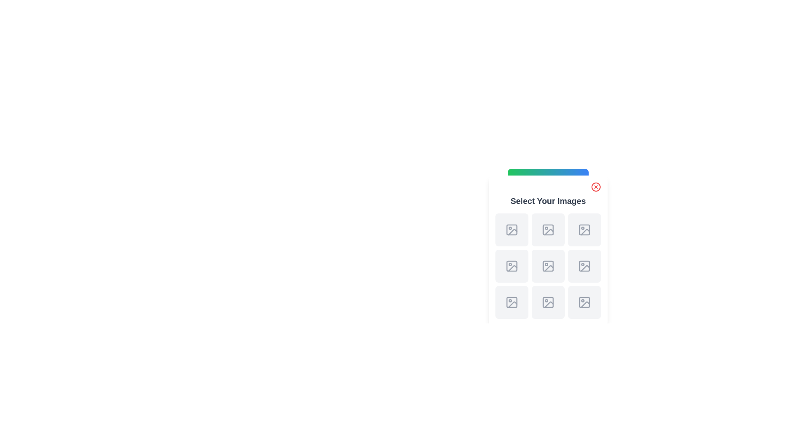 The image size is (792, 445). What do you see at coordinates (584, 302) in the screenshot?
I see `the third button in the last row of a 3x3 grid layout, which is used for selecting an image` at bounding box center [584, 302].